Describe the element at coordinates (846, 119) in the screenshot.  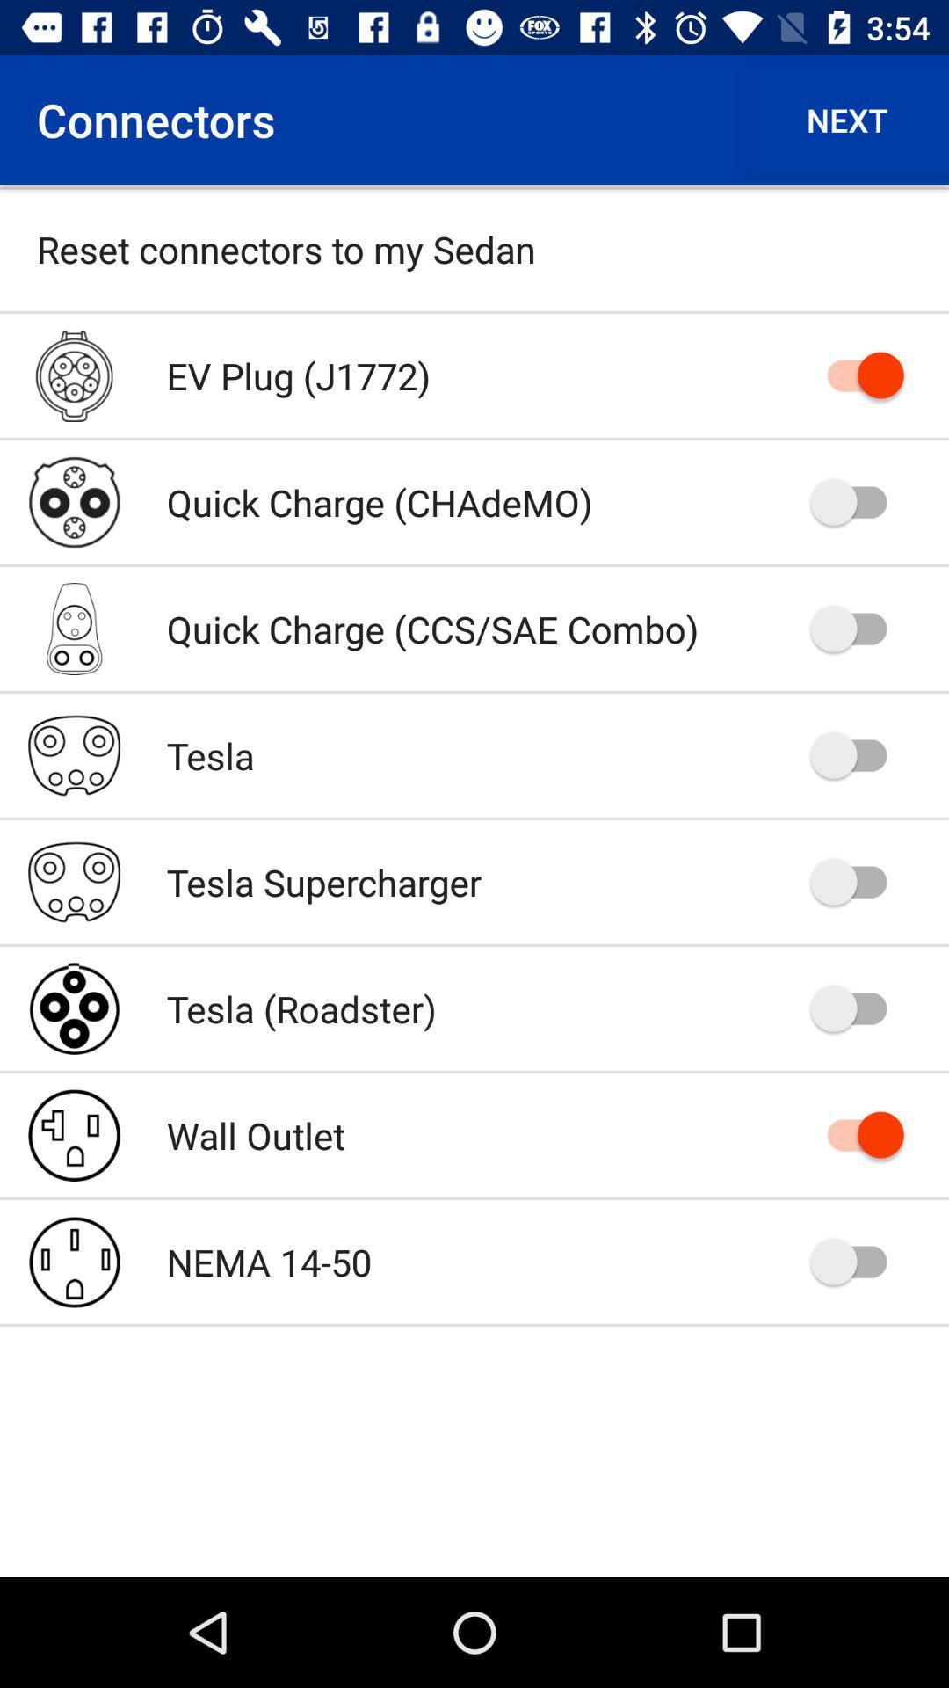
I see `next icon` at that location.